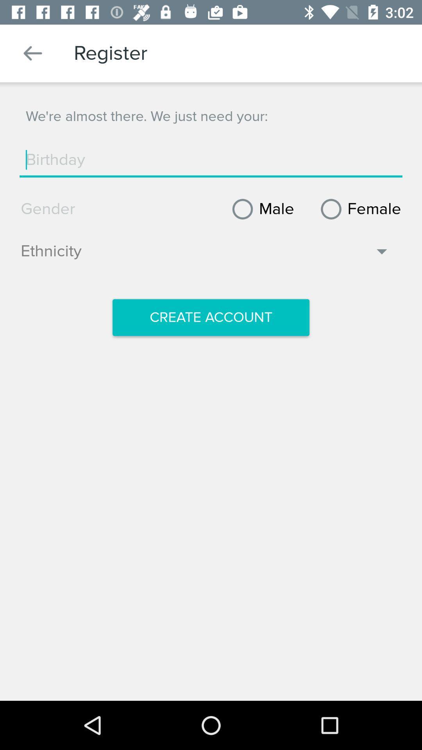  I want to click on the item next to the male item, so click(358, 209).